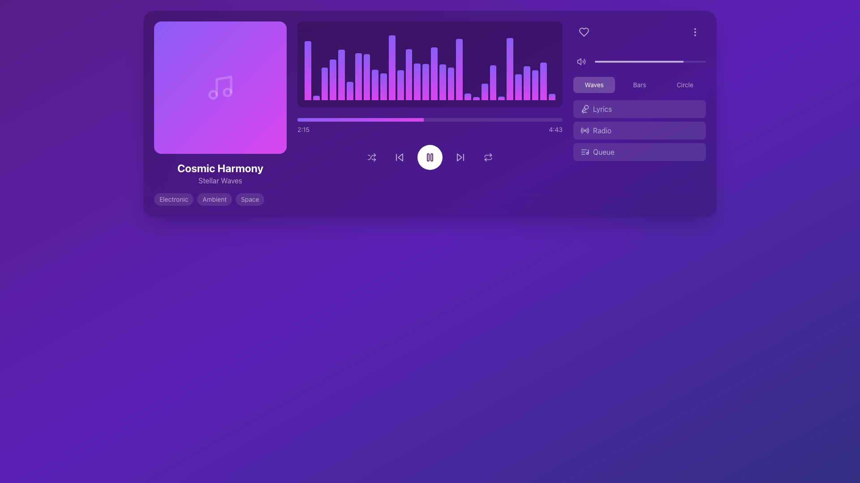 This screenshot has height=483, width=860. Describe the element at coordinates (581, 61) in the screenshot. I see `the speaker icon button with sound waves, located at the top-right section of the interface` at that location.